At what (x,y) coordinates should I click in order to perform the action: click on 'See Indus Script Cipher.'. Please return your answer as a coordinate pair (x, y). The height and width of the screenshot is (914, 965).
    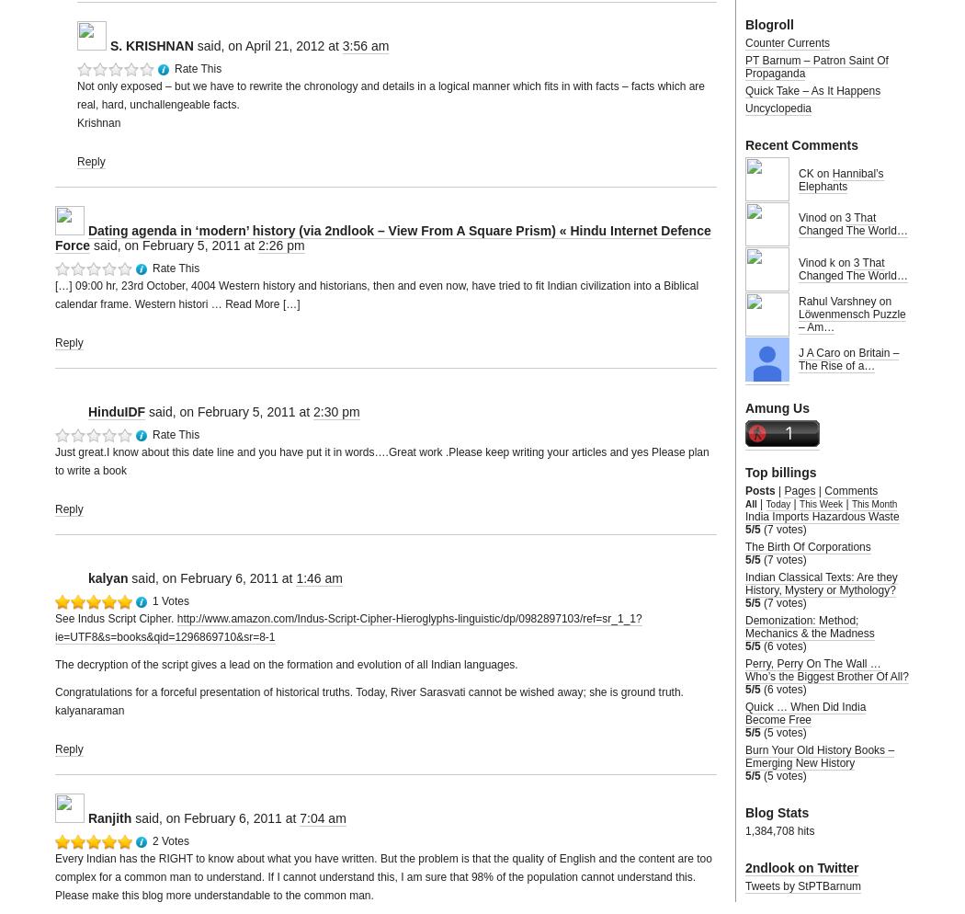
    Looking at the image, I should click on (115, 619).